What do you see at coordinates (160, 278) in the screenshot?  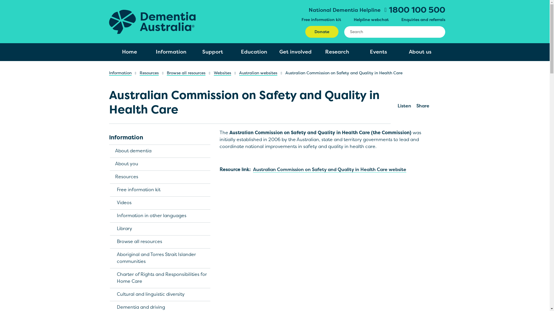 I see `'Charter of Rights and Responsibilities for Home Care'` at bounding box center [160, 278].